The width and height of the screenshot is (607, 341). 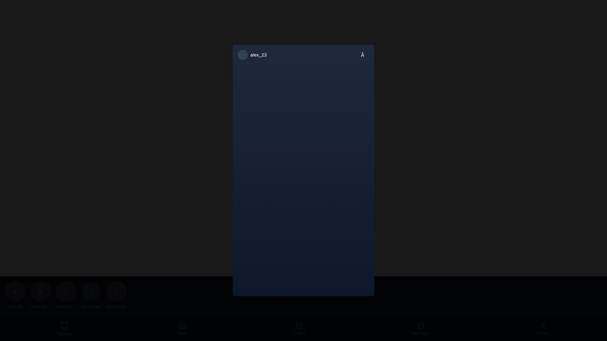 I want to click on the fifth circular avatar representing 'tech_news', so click(x=116, y=295).